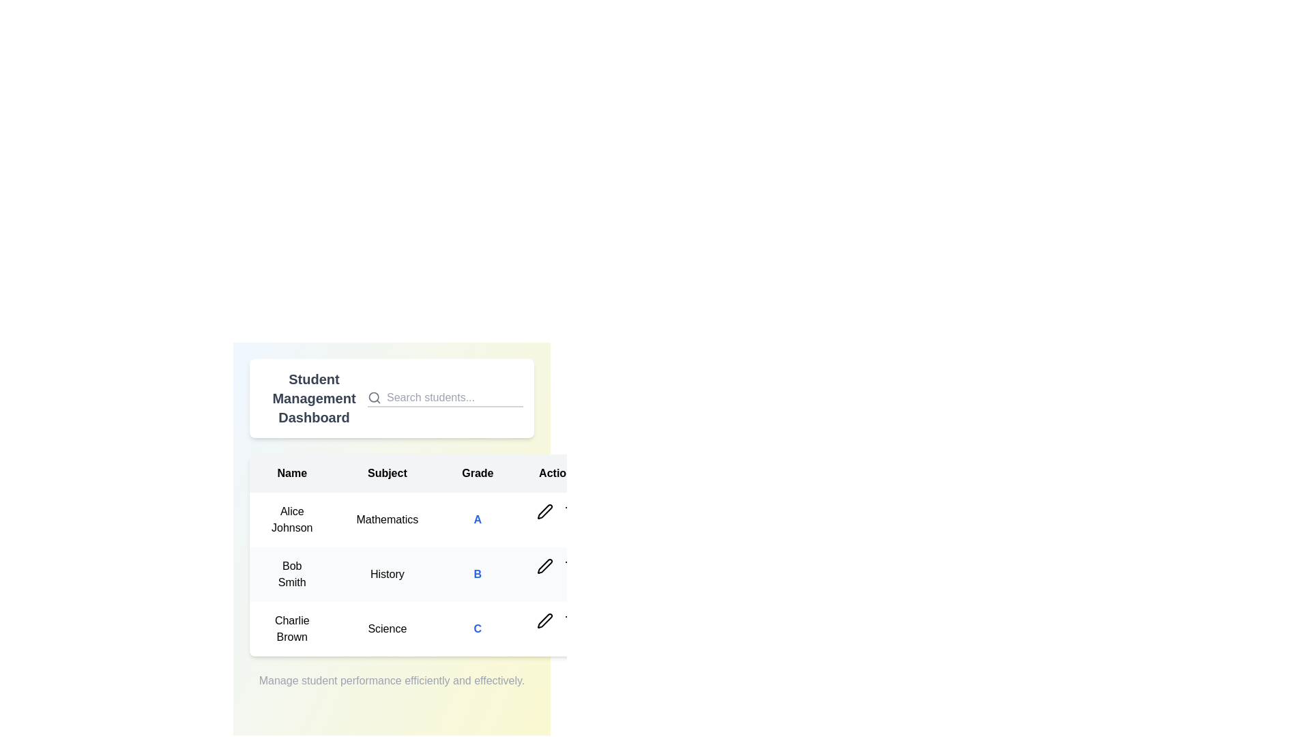 The height and width of the screenshot is (737, 1310). Describe the element at coordinates (374, 397) in the screenshot. I see `the gray magnifying glass icon, which is located to the left of the 'Search students...' input field` at that location.